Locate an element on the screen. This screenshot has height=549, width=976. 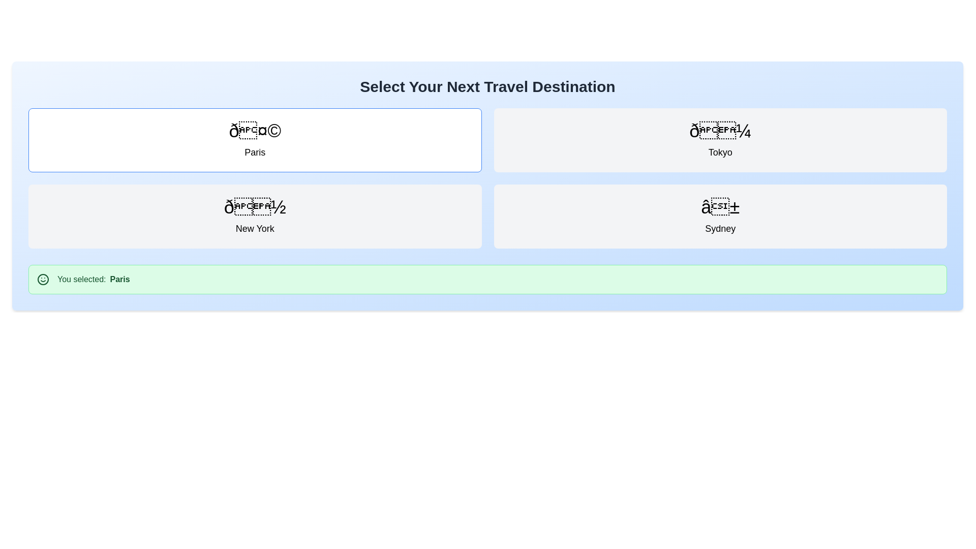
the first card component styled as a button in the top-left corner of the 2x2 grid layout is located at coordinates (255, 140).